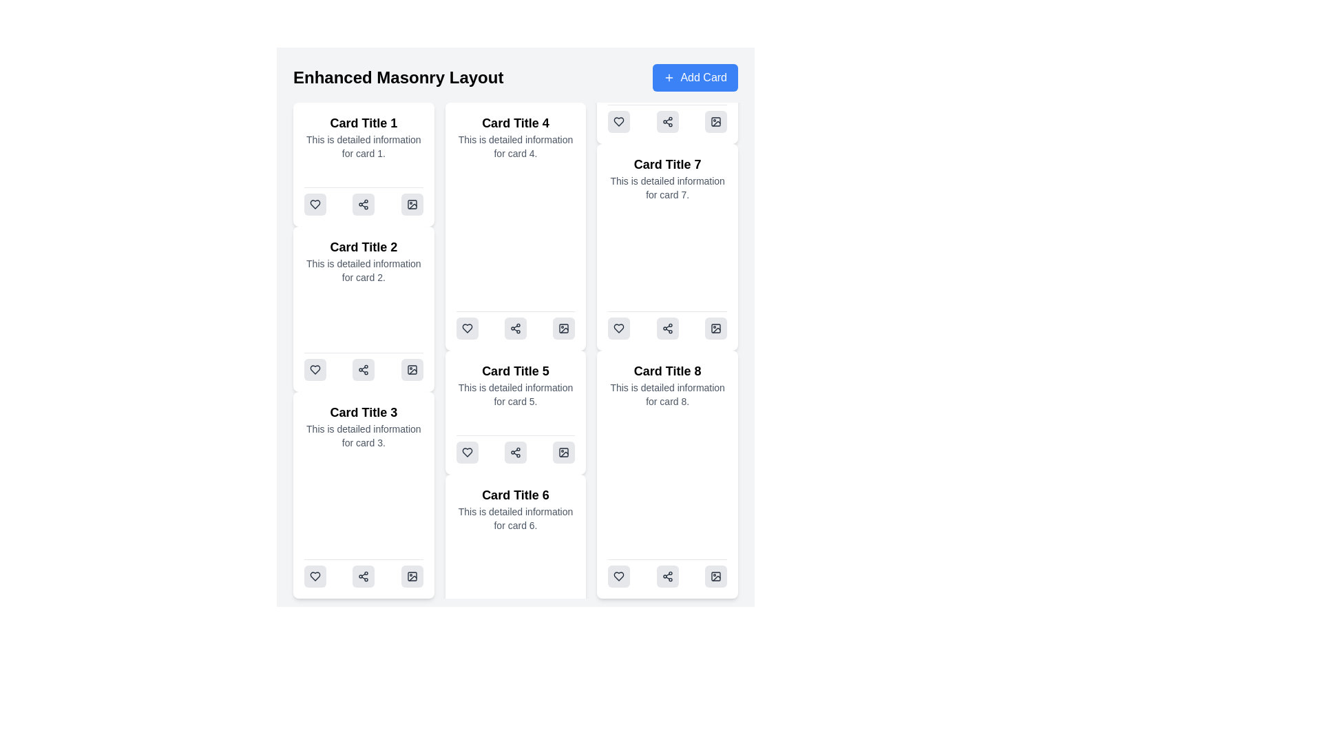  What do you see at coordinates (314, 369) in the screenshot?
I see `the heart icon button, which is the first button in the row at the bottom of 'Card Title 2'` at bounding box center [314, 369].